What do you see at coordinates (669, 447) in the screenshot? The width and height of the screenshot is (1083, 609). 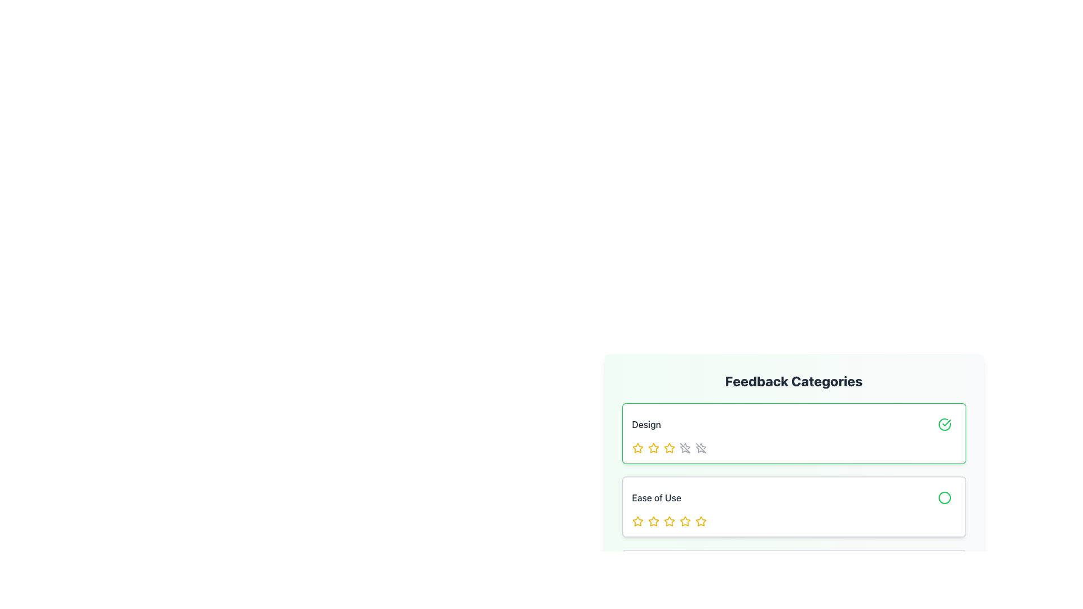 I see `within the third star icon of the rating system located in the 'Design' rating section` at bounding box center [669, 447].